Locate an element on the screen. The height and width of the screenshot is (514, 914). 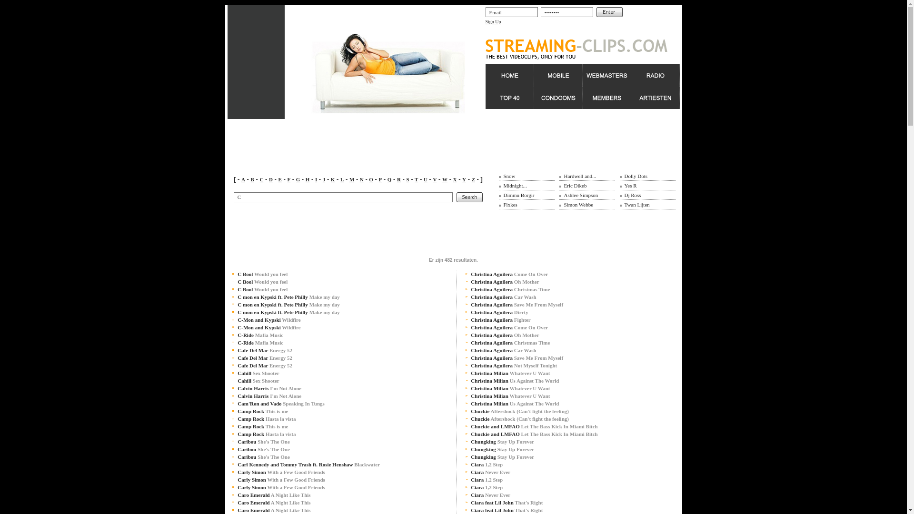
'Christina Milian Us Against The World' is located at coordinates (514, 404).